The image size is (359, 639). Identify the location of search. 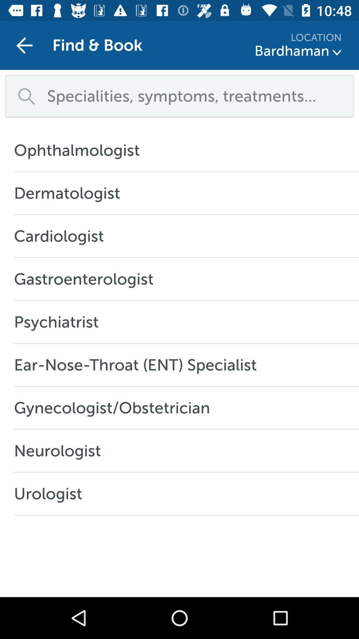
(195, 96).